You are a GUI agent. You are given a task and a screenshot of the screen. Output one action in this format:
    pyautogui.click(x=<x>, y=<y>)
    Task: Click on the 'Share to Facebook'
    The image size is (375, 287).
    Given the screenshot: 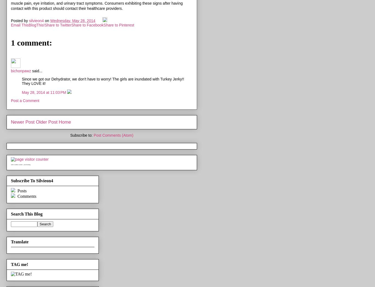 What is the action you would take?
    pyautogui.click(x=87, y=25)
    